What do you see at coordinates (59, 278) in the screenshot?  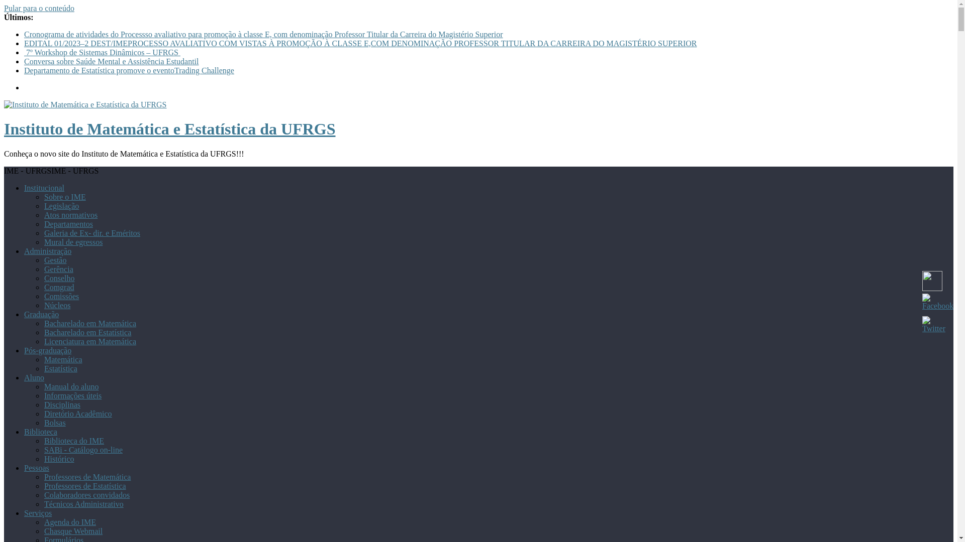 I see `'Conselho'` at bounding box center [59, 278].